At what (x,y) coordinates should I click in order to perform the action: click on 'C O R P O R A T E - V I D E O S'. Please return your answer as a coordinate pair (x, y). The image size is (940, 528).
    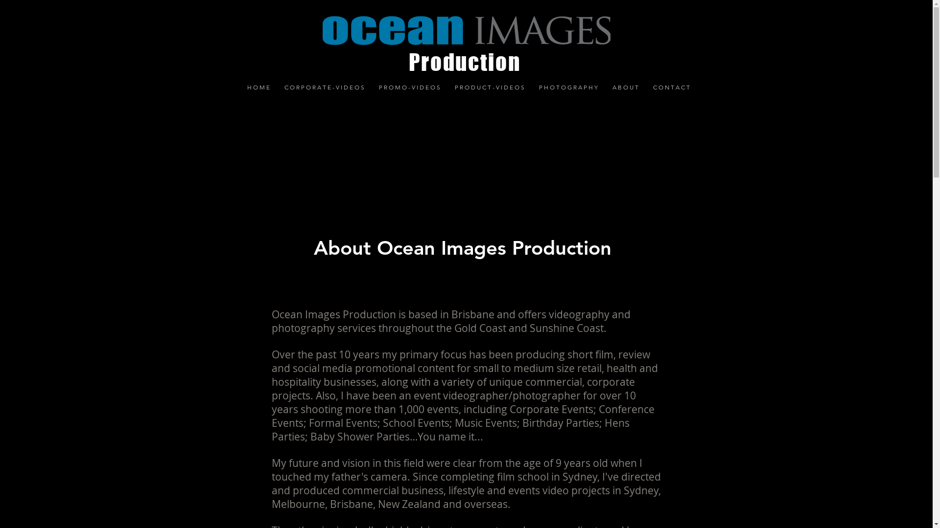
    Looking at the image, I should click on (324, 87).